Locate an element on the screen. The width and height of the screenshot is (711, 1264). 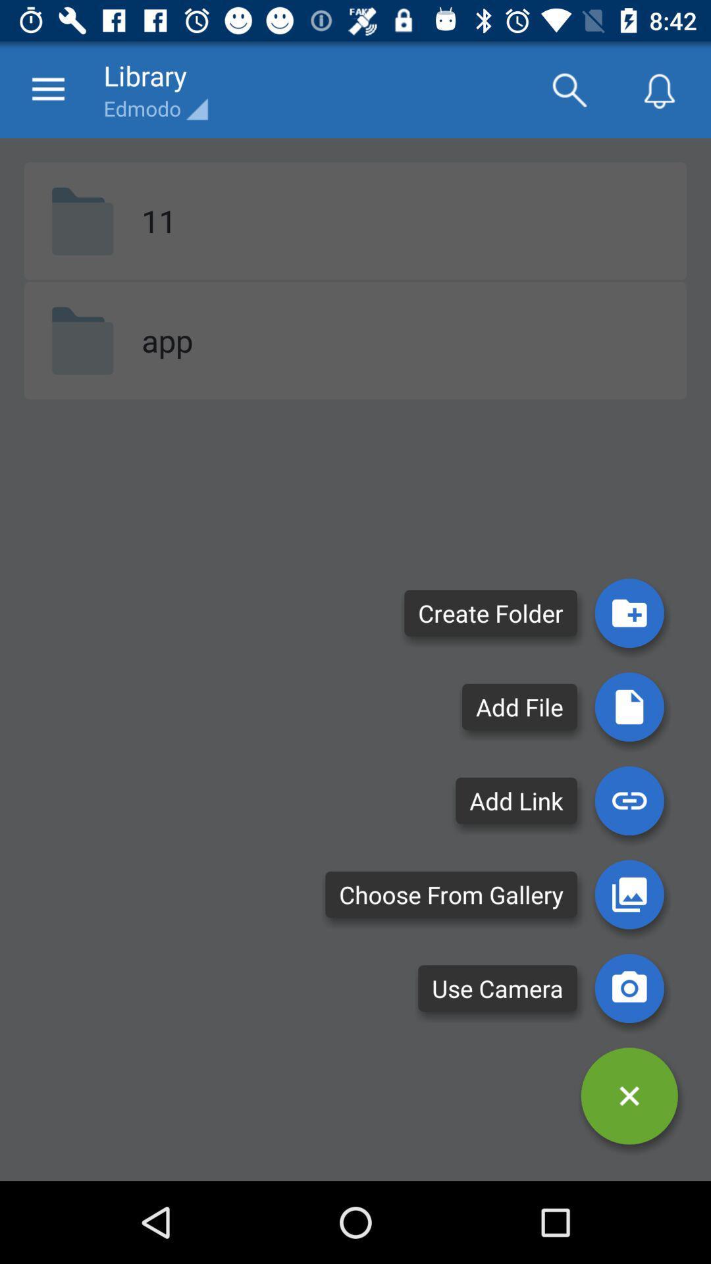
app item is located at coordinates (167, 340).